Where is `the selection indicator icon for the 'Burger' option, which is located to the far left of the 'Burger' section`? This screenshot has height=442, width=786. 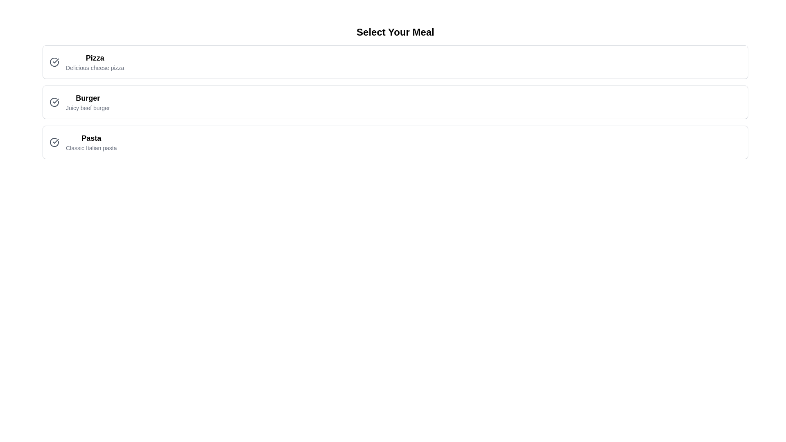
the selection indicator icon for the 'Burger' option, which is located to the far left of the 'Burger' section is located at coordinates (54, 102).